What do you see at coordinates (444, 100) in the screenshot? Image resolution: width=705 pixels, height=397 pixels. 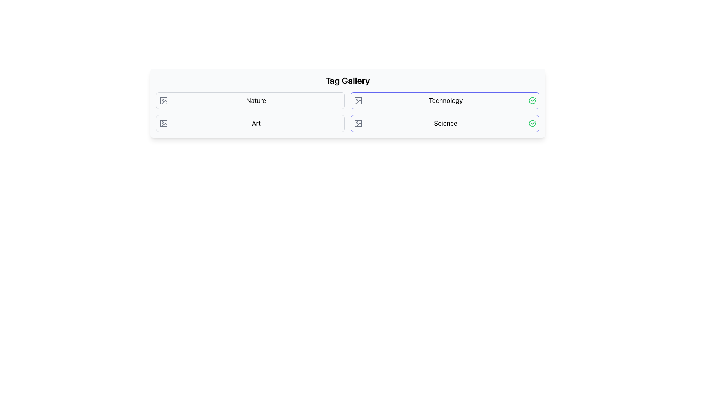 I see `the selectable item related to the 'Technology' category, located in the second column of the first row of a grid layout` at bounding box center [444, 100].